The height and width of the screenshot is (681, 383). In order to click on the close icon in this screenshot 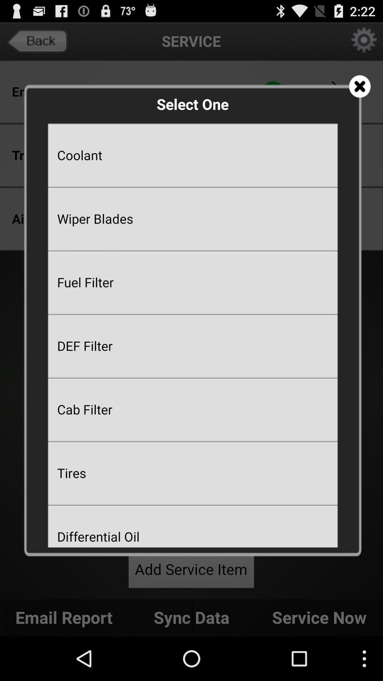, I will do `click(360, 92)`.